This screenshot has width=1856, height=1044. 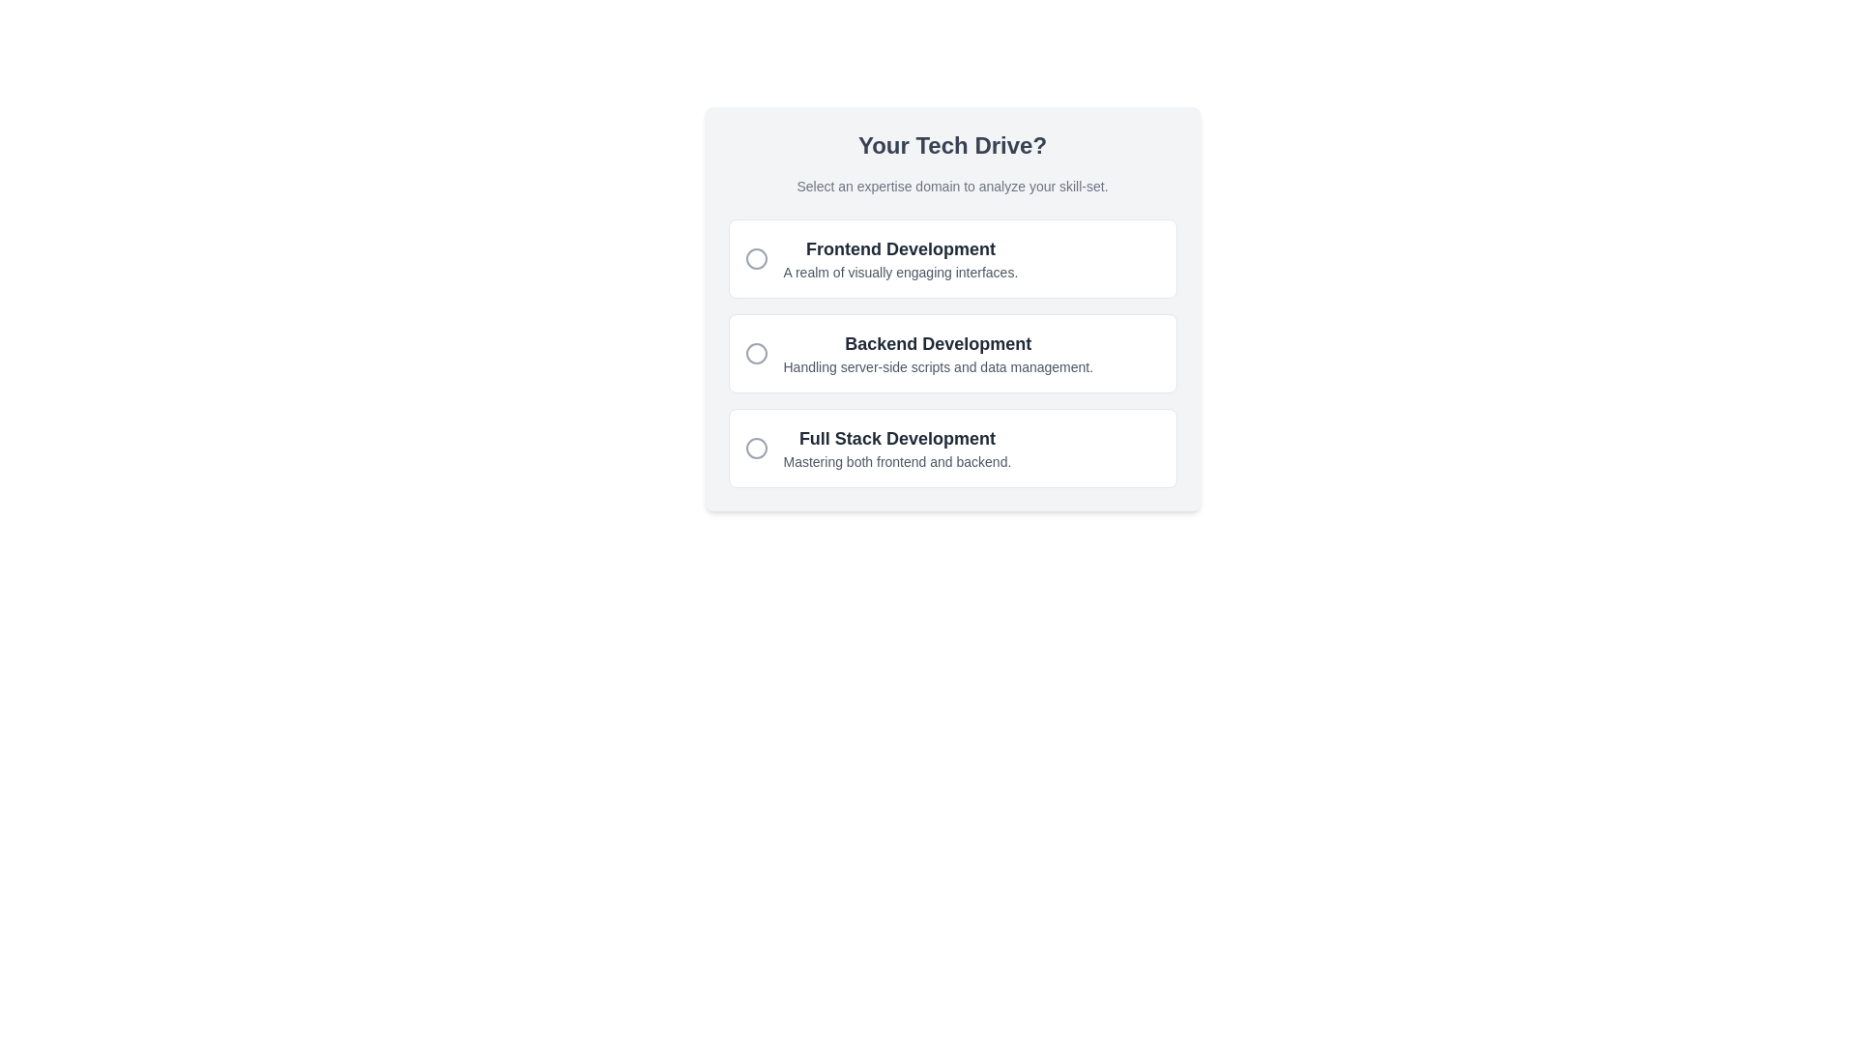 What do you see at coordinates (952, 354) in the screenshot?
I see `the second selectable list item for backend development using keyboard navigation` at bounding box center [952, 354].